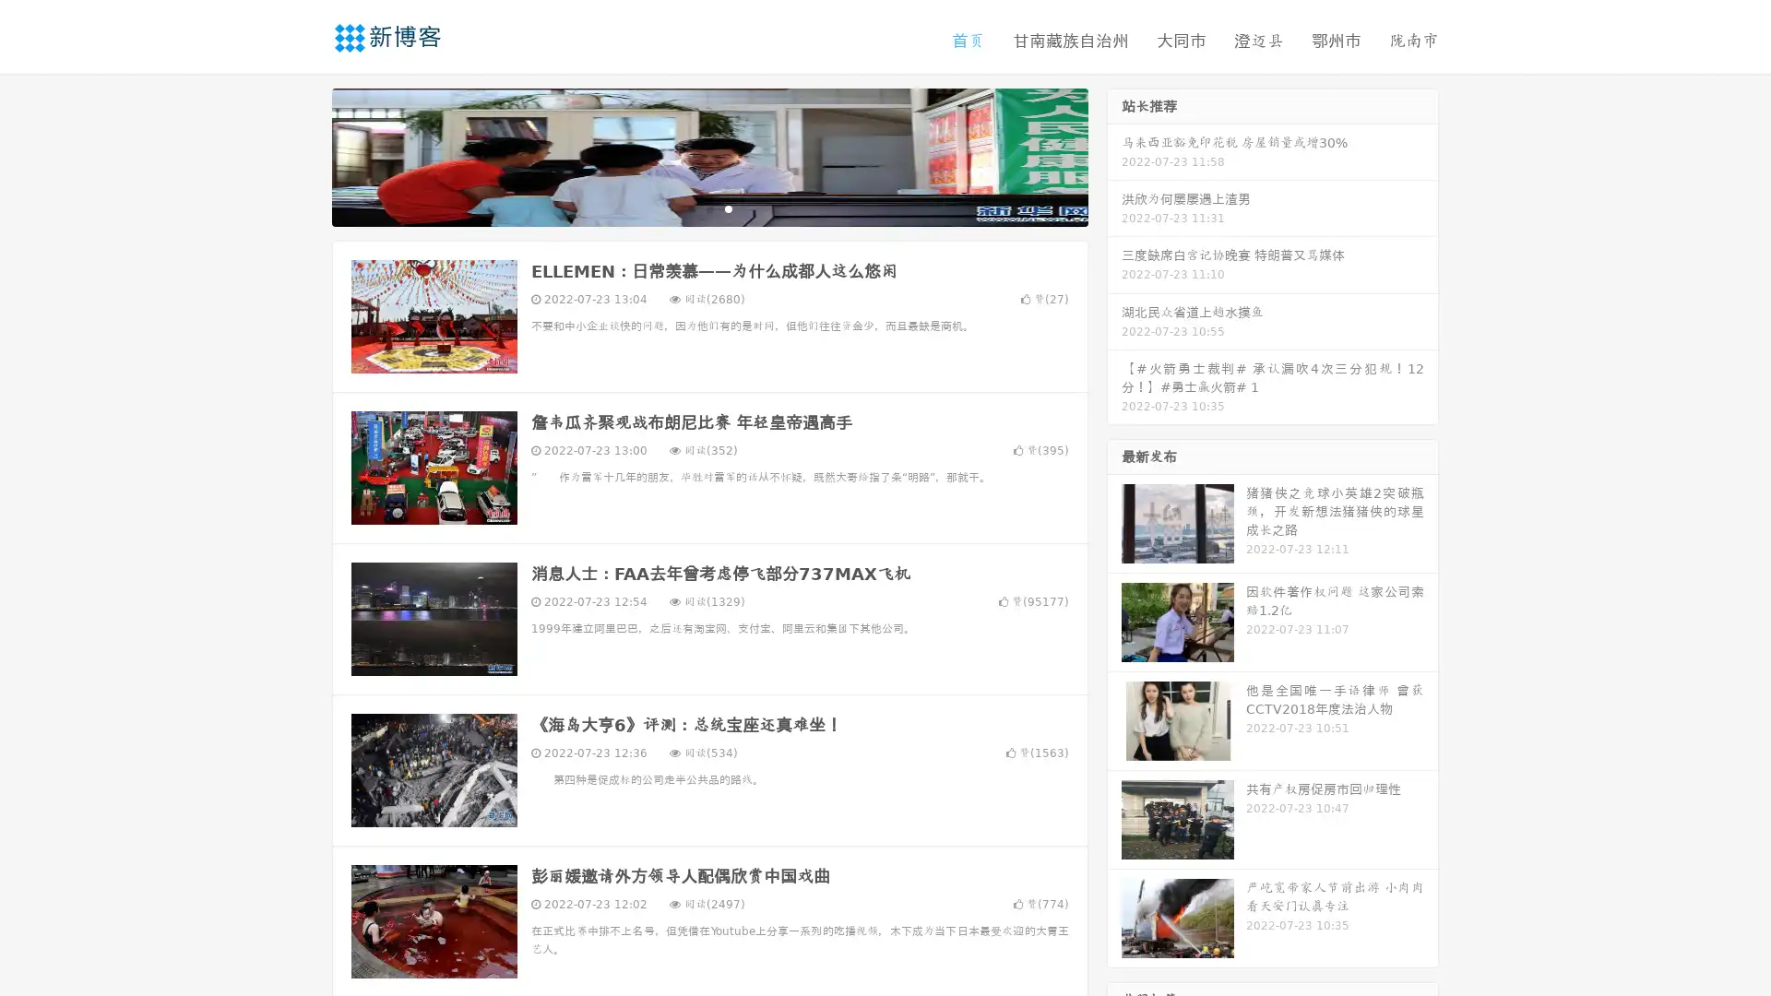  I want to click on Go to slide 3, so click(728, 207).